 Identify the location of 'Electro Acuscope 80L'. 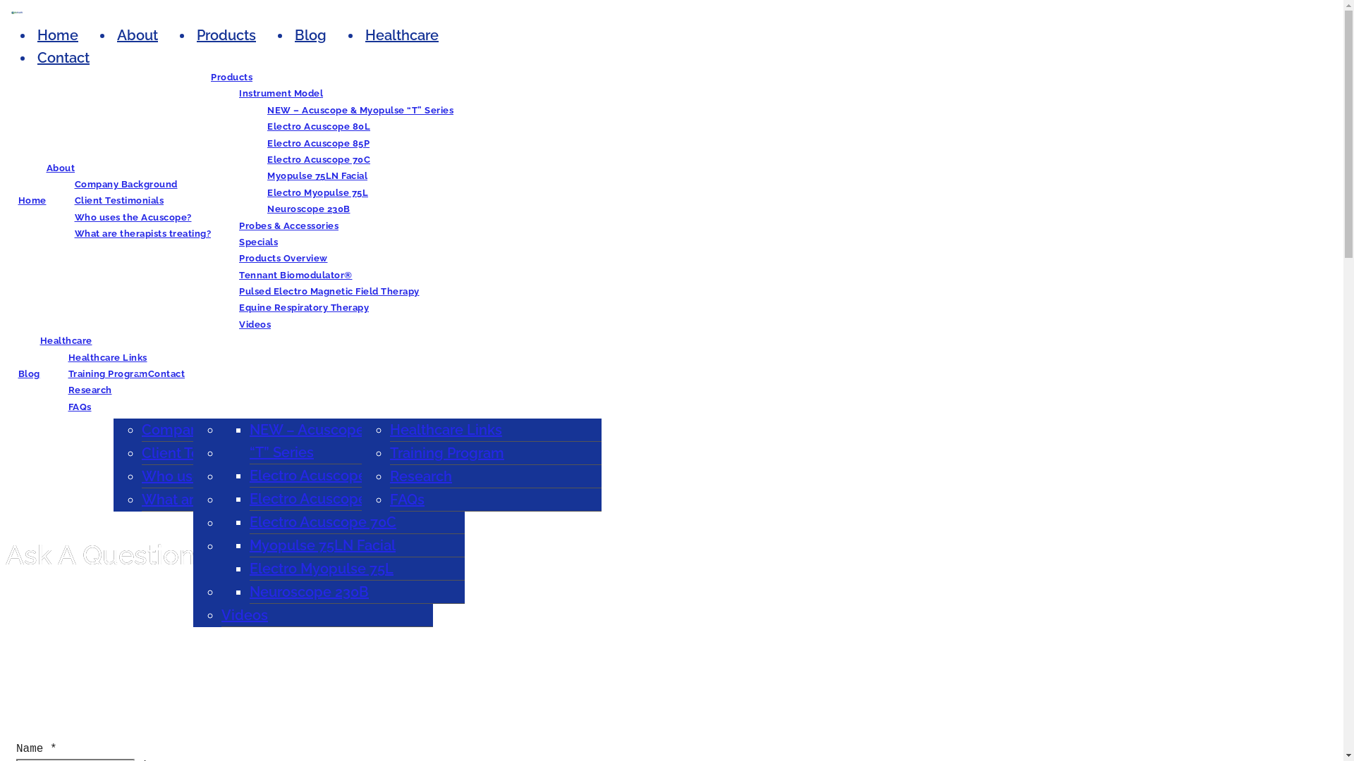
(317, 125).